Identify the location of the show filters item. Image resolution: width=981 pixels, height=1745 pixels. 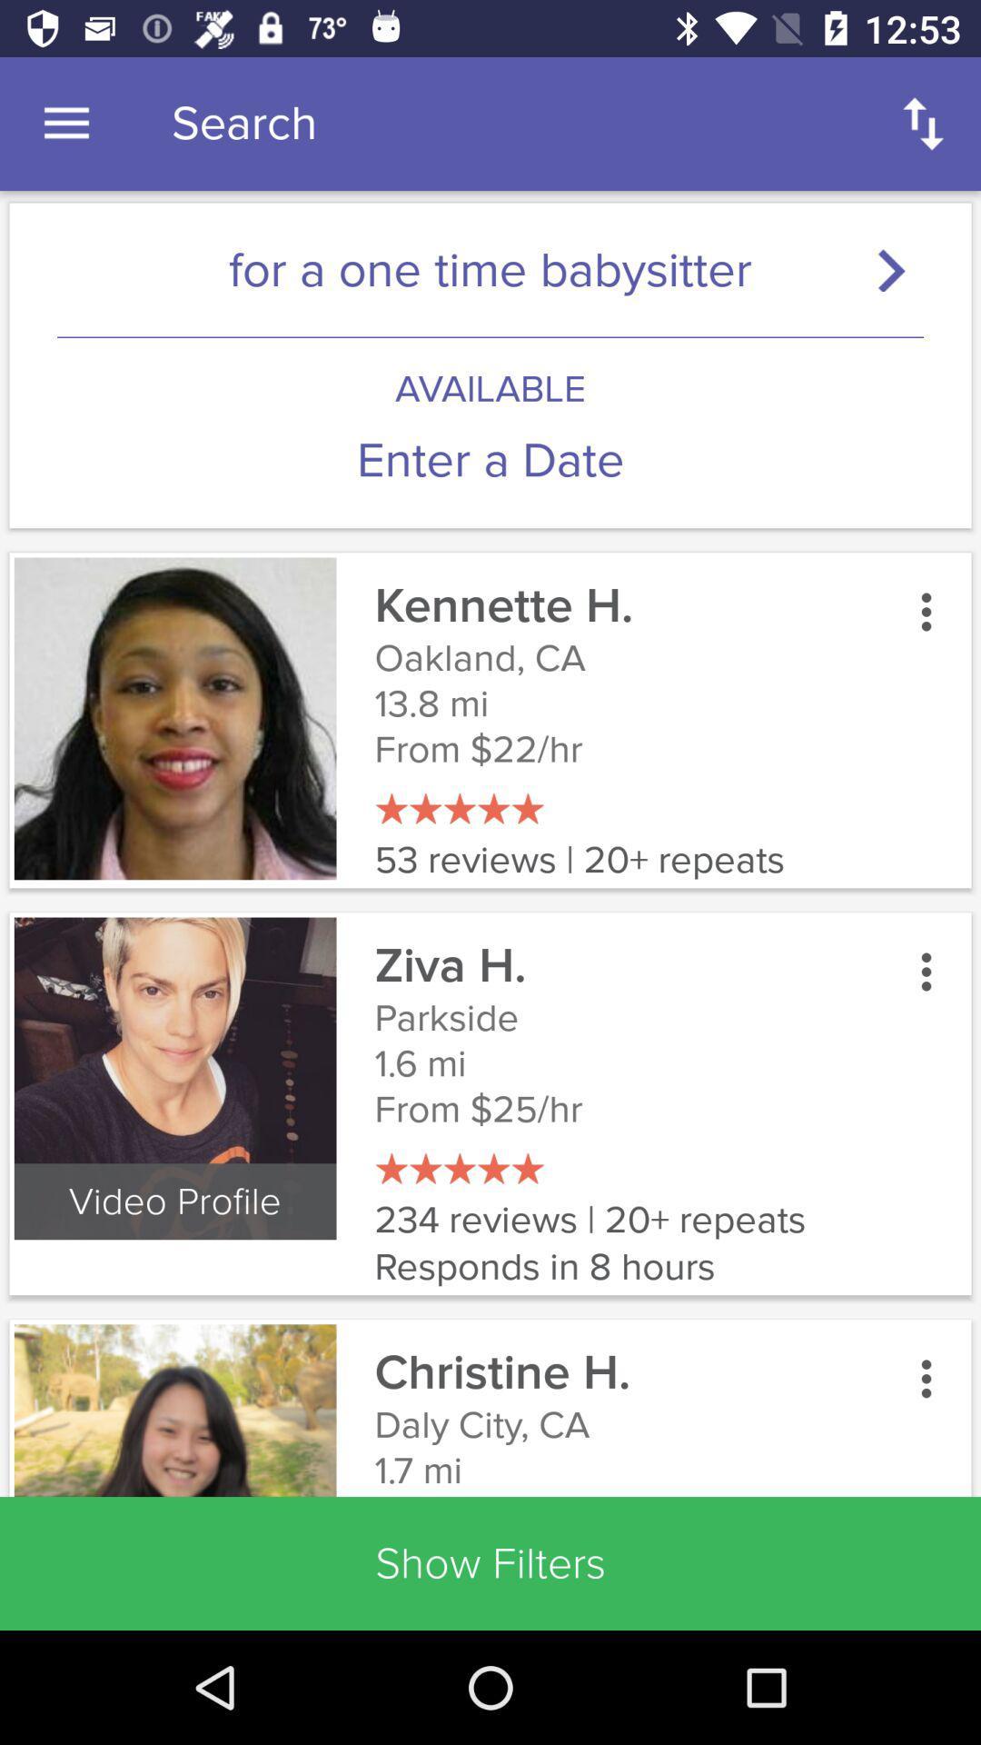
(490, 1562).